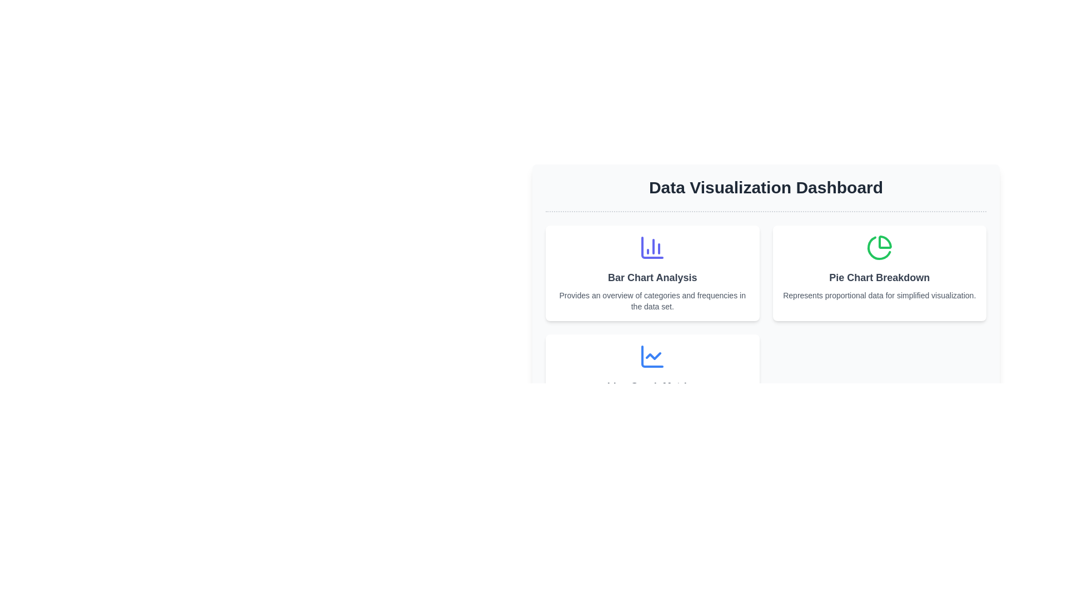 This screenshot has height=600, width=1067. What do you see at coordinates (654, 356) in the screenshot?
I see `graphical icon segment located within the leftmost card on the second row of the dashboard interface, below the 'Bar Chart Analysis' section` at bounding box center [654, 356].